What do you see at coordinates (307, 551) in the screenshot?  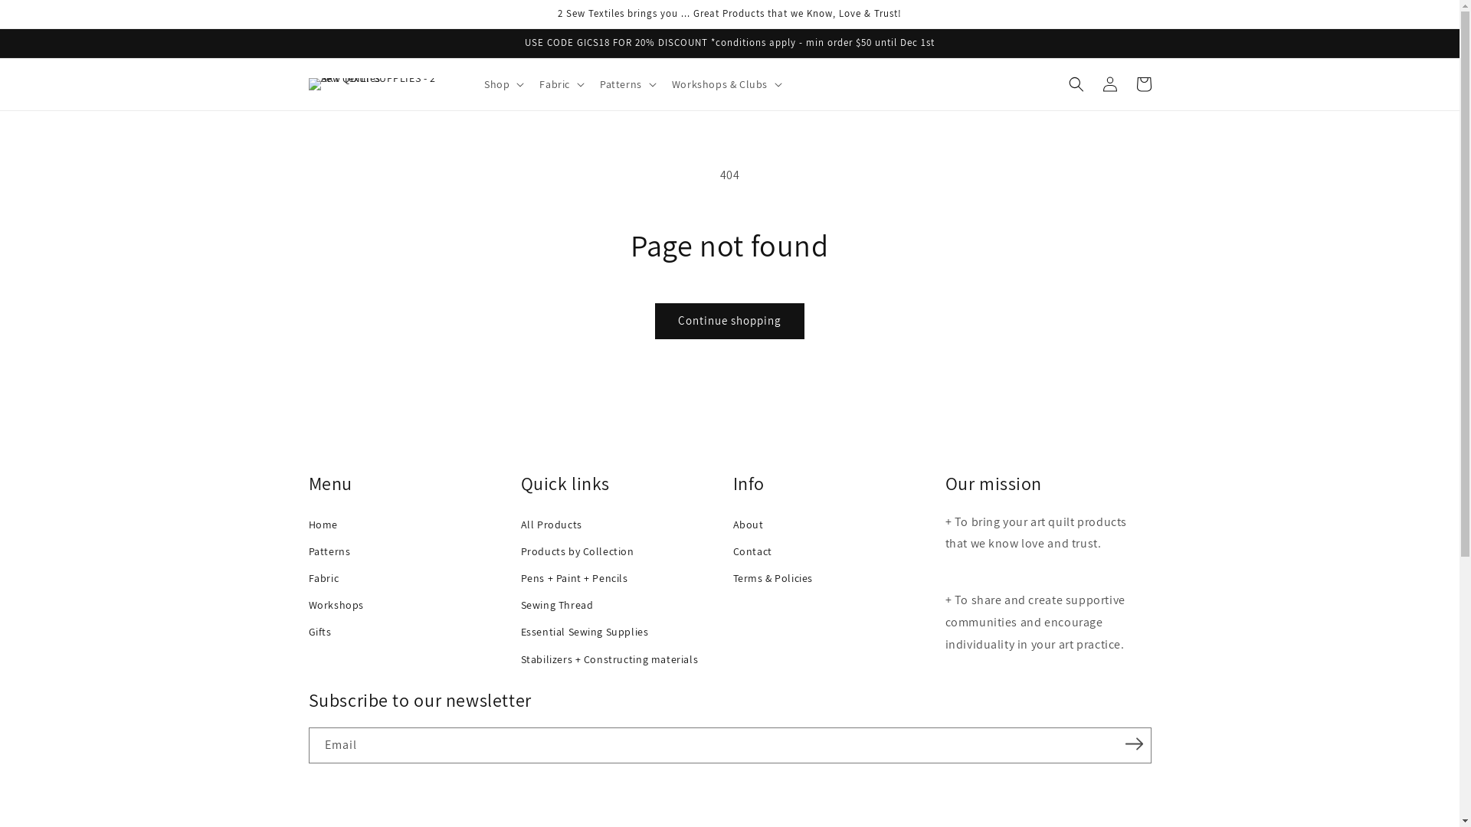 I see `'Patterns'` at bounding box center [307, 551].